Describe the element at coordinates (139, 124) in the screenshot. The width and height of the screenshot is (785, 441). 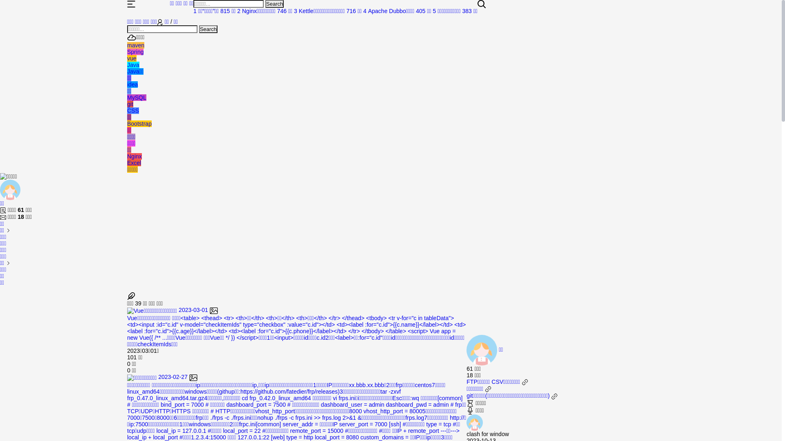
I see `'Bootstrap'` at that location.